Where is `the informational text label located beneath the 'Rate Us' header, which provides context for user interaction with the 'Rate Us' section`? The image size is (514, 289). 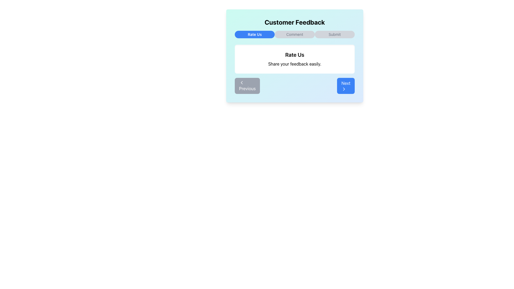 the informational text label located beneath the 'Rate Us' header, which provides context for user interaction with the 'Rate Us' section is located at coordinates (294, 64).